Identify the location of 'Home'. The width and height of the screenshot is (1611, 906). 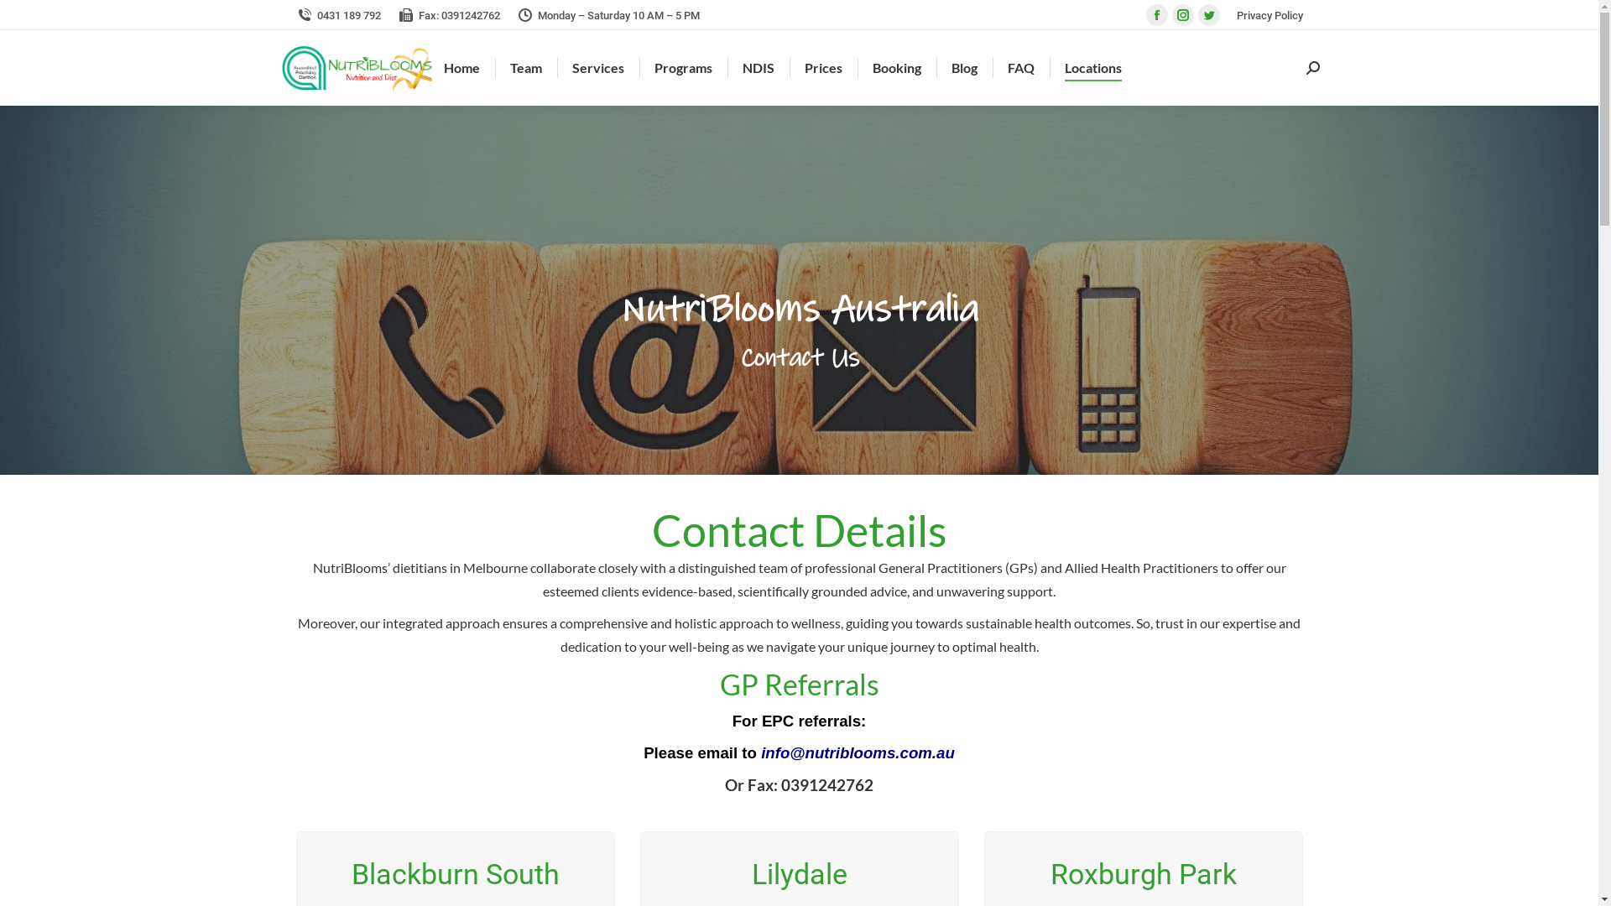
(461, 67).